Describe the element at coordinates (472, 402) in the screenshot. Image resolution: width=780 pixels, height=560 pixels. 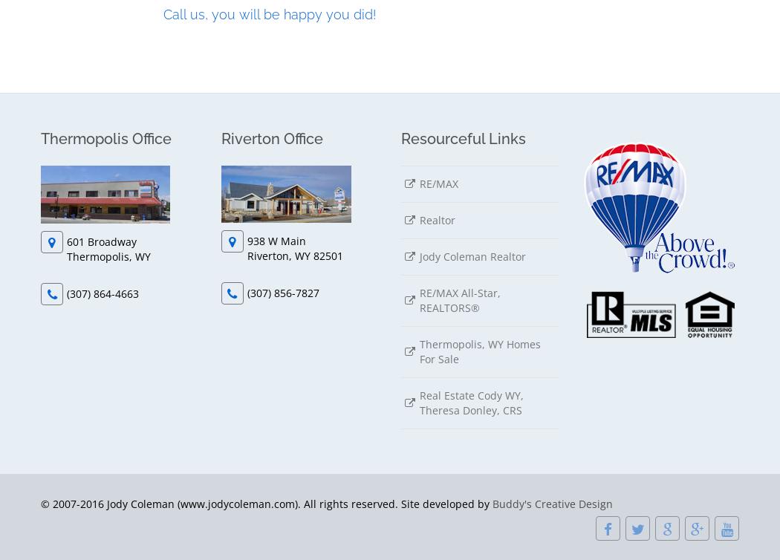
I see `'Real Estate Cody WY, Theresa Donley, CRS'` at that location.